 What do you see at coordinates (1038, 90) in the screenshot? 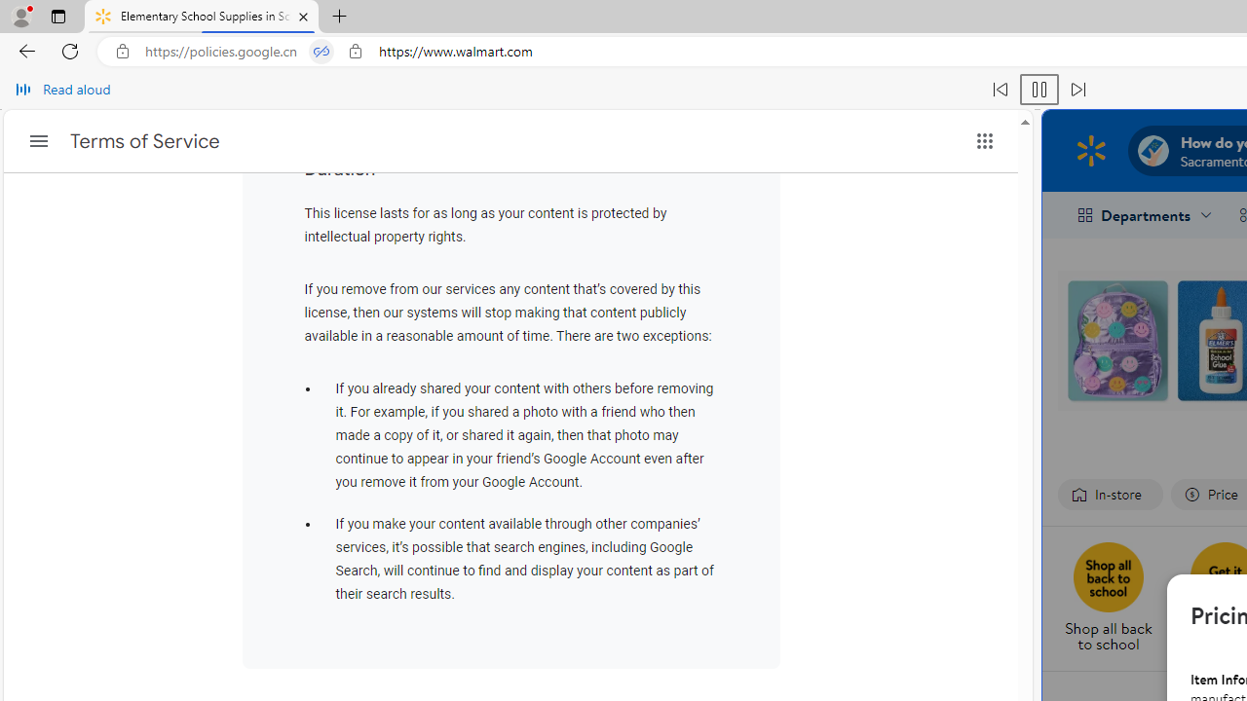
I see `'Pause read aloud (Ctrl+Shift+U)'` at bounding box center [1038, 90].